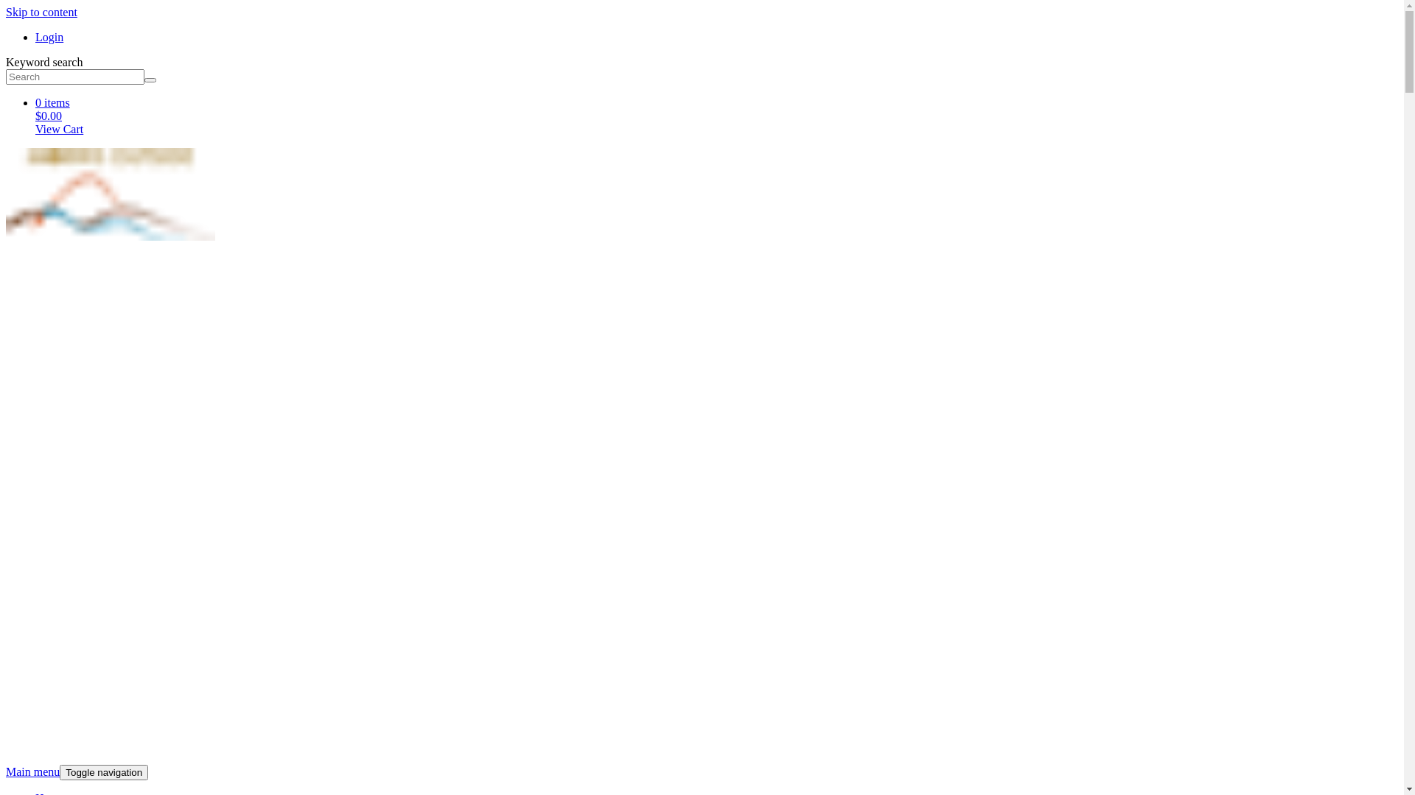 This screenshot has height=795, width=1415. I want to click on 'Login', so click(49, 36).